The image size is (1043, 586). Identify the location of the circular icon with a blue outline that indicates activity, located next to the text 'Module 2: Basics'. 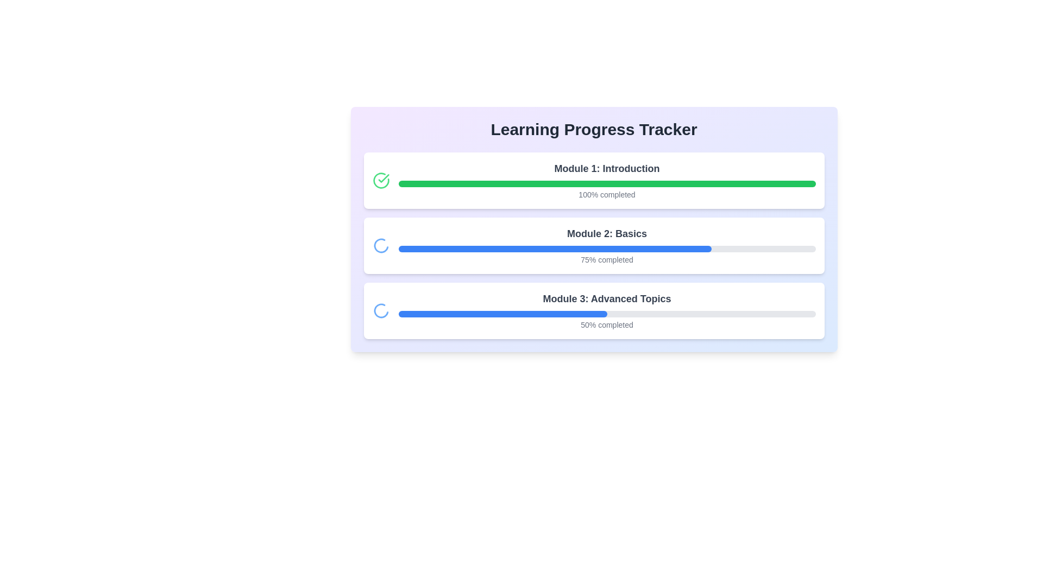
(381, 245).